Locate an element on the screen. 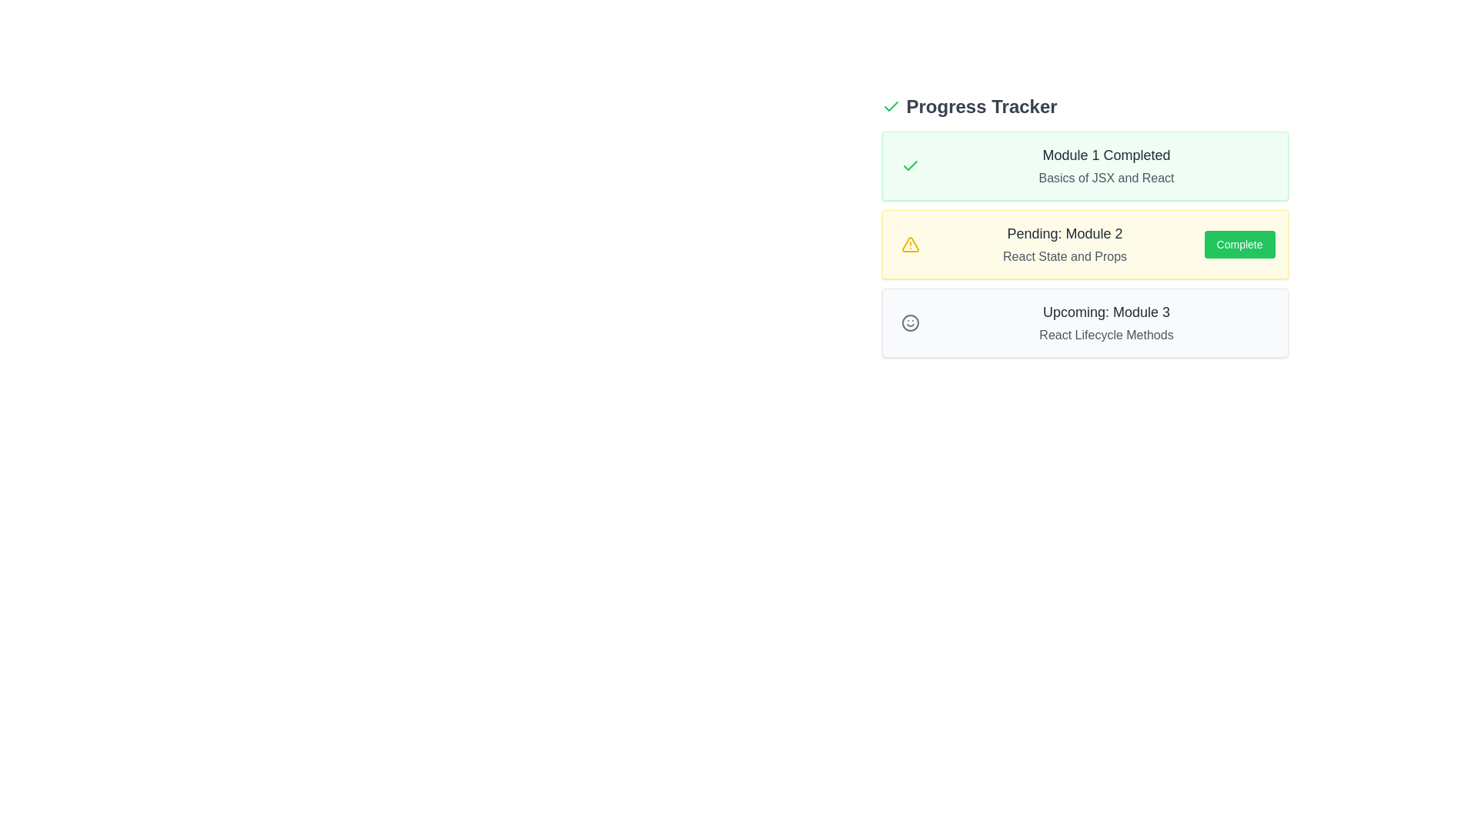 The height and width of the screenshot is (831, 1478). the green checkmark icon positioned to the left of the 'Progress Tracker' text is located at coordinates (891, 105).